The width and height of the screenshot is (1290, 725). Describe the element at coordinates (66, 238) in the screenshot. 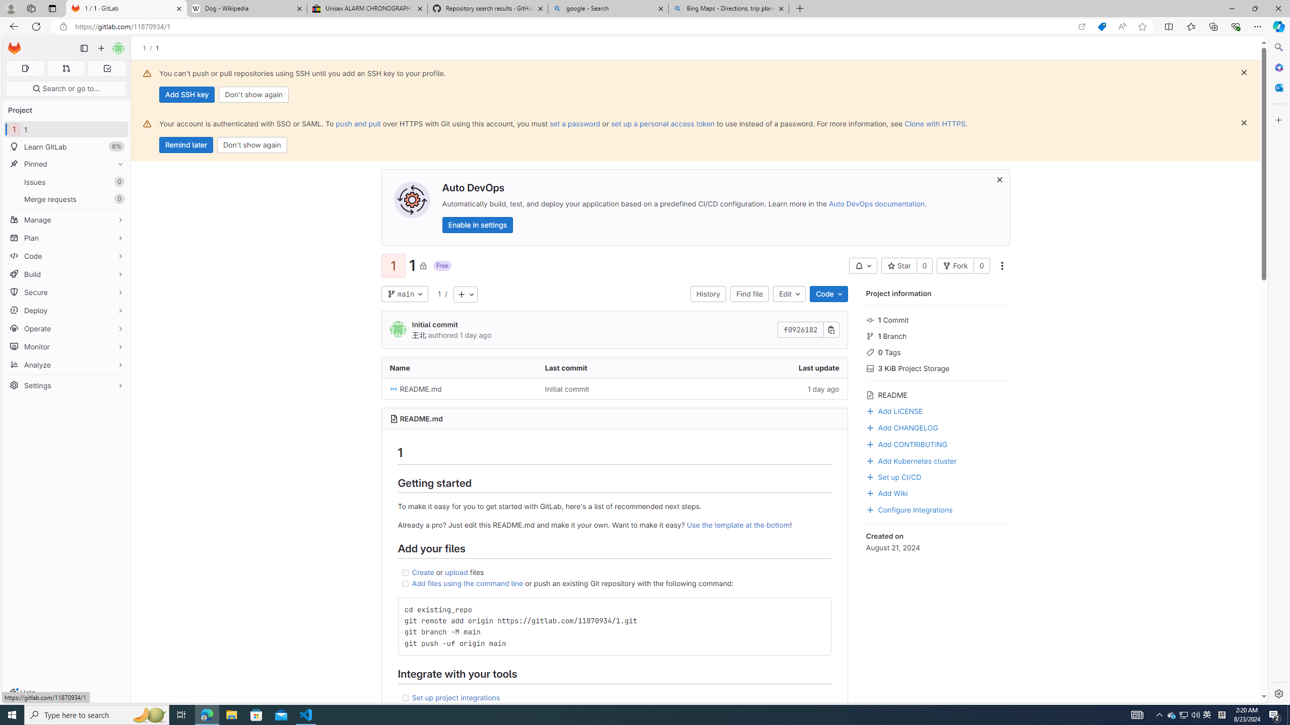

I see `'Plan'` at that location.